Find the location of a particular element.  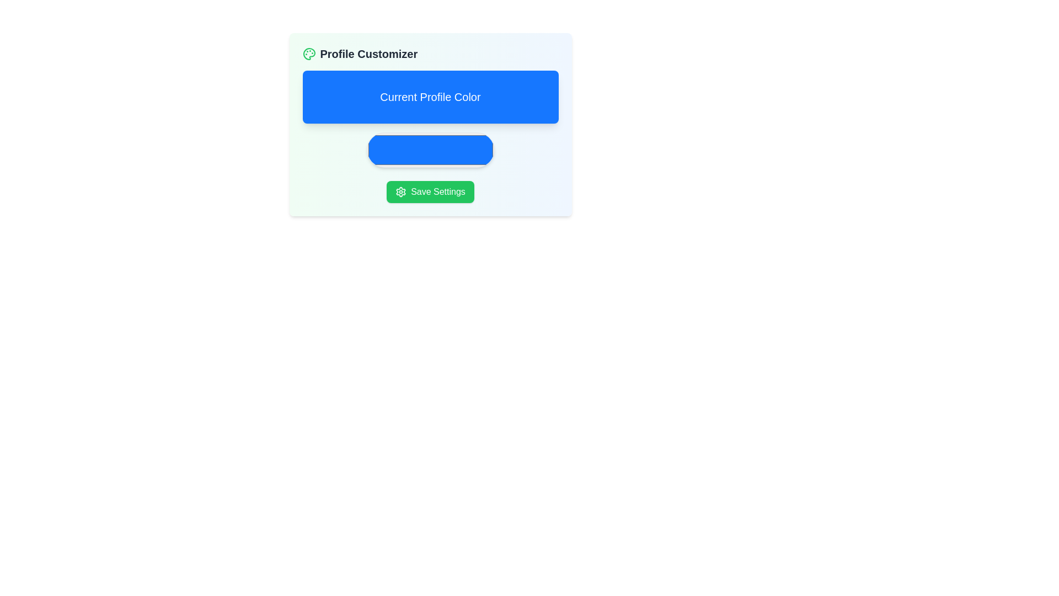

the decorative Vector graphic icon that symbolizes color-related functionalities, located within a cluster of circular elements at the top-left of the interface is located at coordinates (309, 54).